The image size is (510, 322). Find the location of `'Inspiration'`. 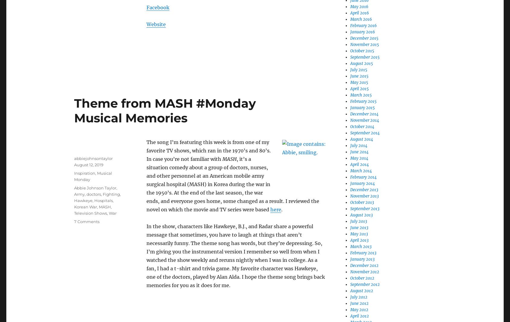

'Inspiration' is located at coordinates (85, 173).